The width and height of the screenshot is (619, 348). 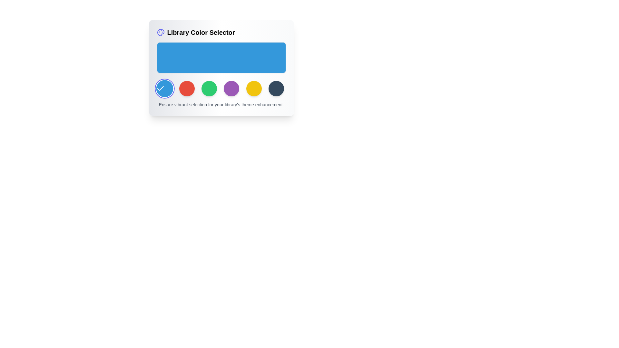 What do you see at coordinates (276, 88) in the screenshot?
I see `the dark blue color selection button, which is the last element in a horizontal grid of six circular buttons` at bounding box center [276, 88].